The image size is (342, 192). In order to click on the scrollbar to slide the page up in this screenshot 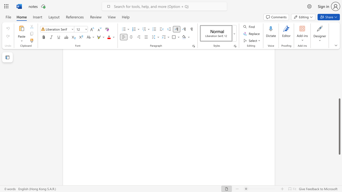, I will do `click(339, 75)`.